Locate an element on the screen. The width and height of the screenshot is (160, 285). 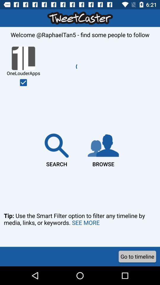
browse icon is located at coordinates (103, 149).